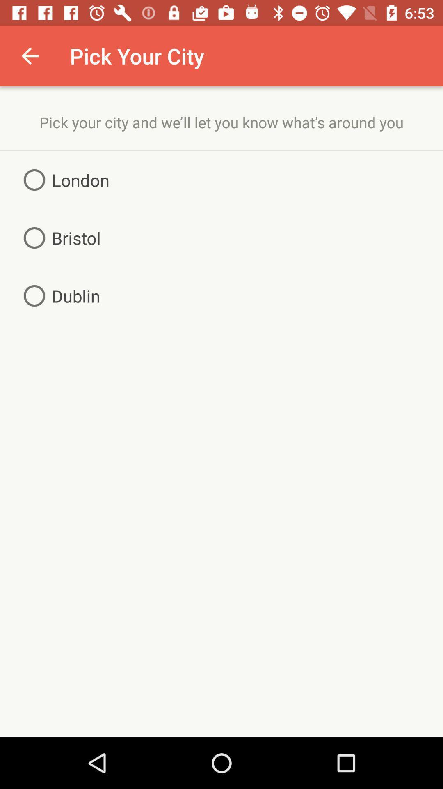  I want to click on item next to  pick your city item, so click(30, 55).